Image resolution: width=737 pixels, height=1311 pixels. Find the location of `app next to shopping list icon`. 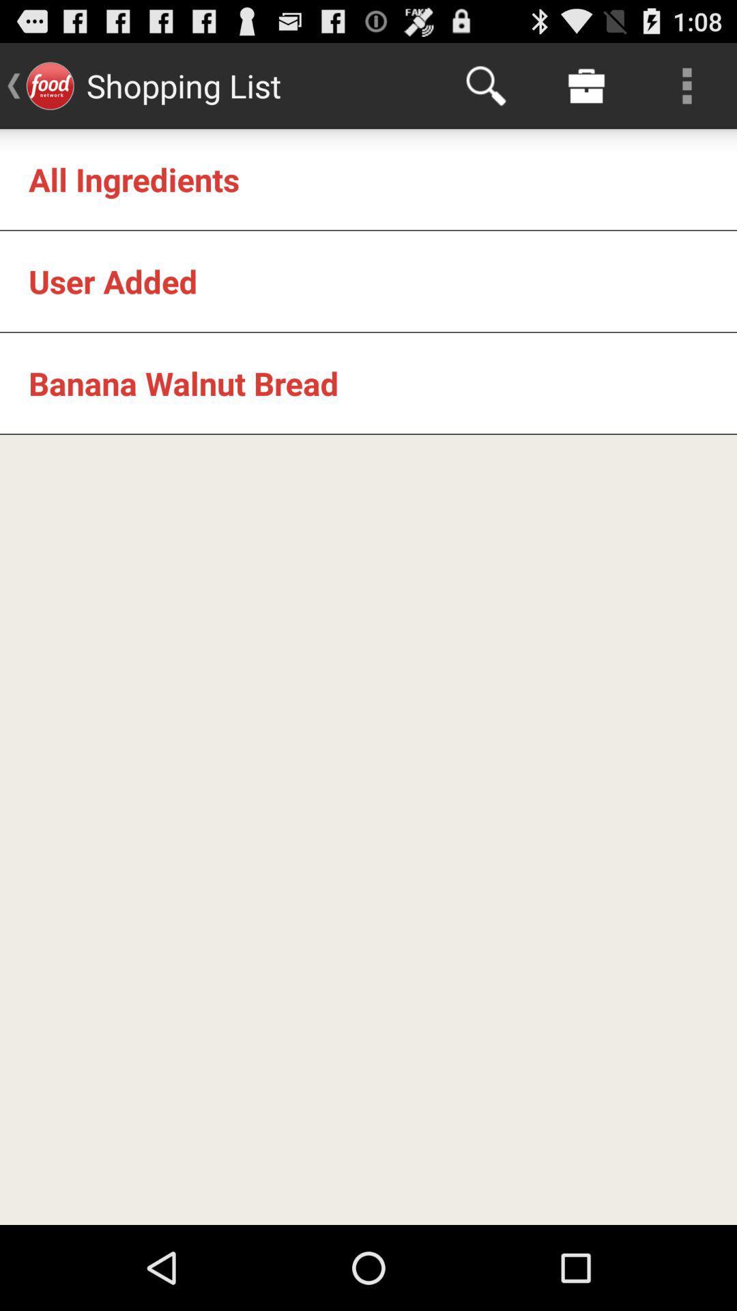

app next to shopping list icon is located at coordinates (485, 85).